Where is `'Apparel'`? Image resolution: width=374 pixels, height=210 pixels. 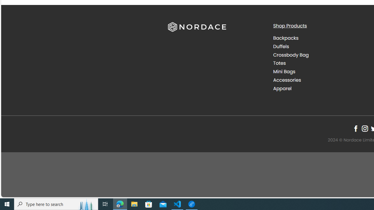
'Apparel' is located at coordinates (321, 88).